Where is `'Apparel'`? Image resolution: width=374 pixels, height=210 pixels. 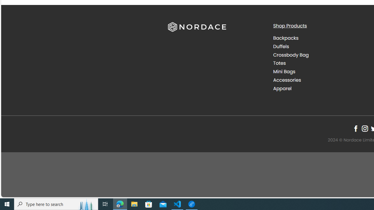
'Apparel' is located at coordinates (321, 88).